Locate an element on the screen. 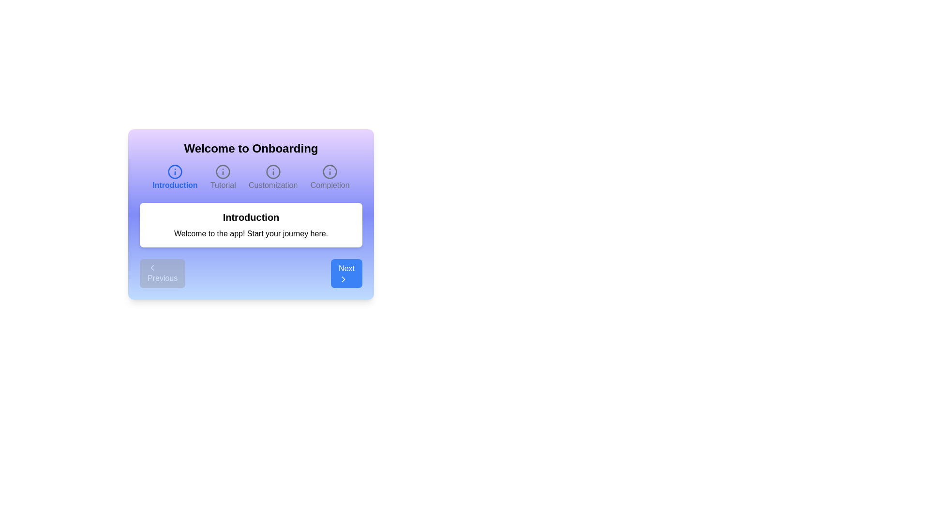 The height and width of the screenshot is (523, 929). the Informational panel that introduces the user to the application, located centrally below the navigation steps and above the 'Previous' and 'Next' buttons is located at coordinates (251, 225).